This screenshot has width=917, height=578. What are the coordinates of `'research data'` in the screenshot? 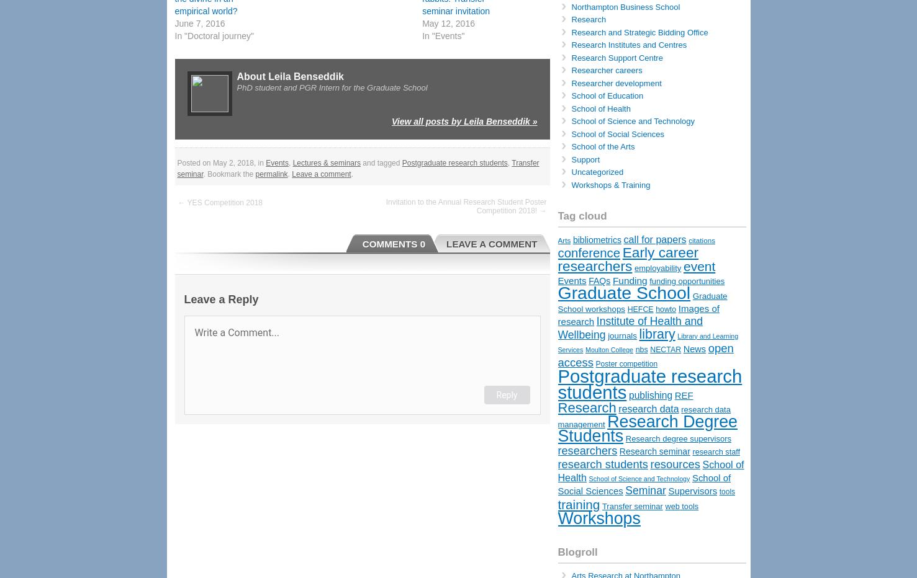 It's located at (648, 409).